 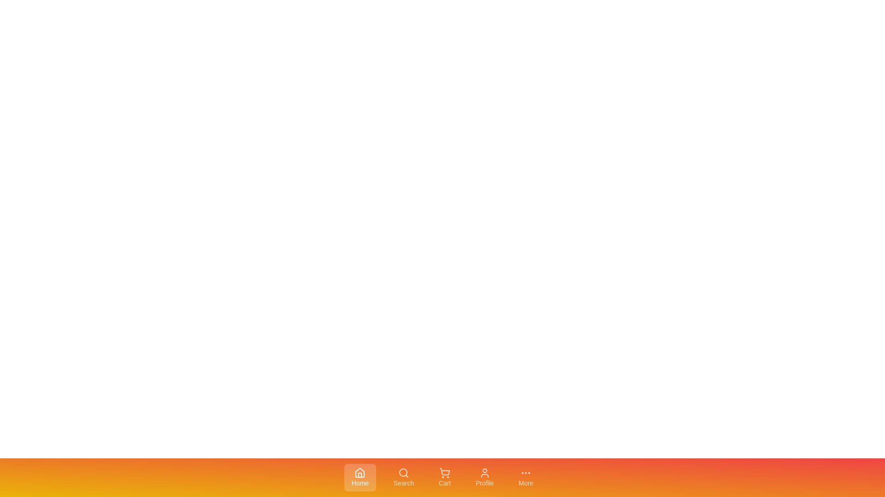 What do you see at coordinates (403, 477) in the screenshot?
I see `the tab labeled Search` at bounding box center [403, 477].